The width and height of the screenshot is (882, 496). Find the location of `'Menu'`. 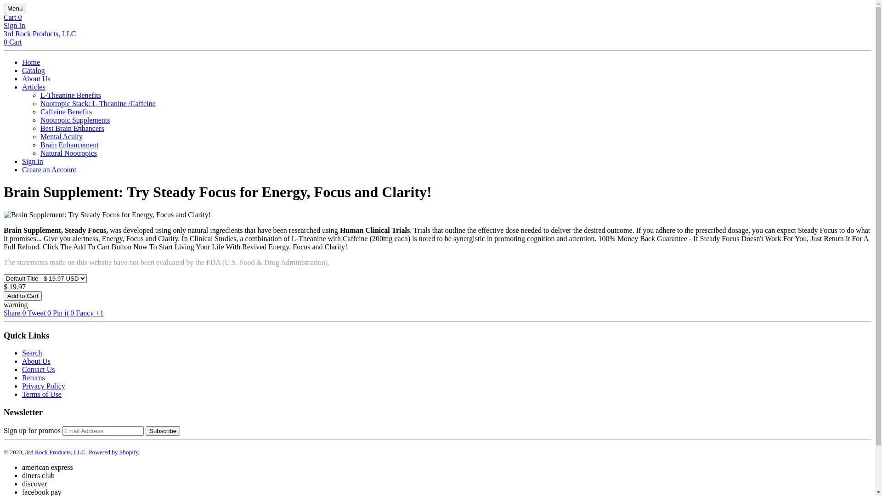

'Menu' is located at coordinates (15, 8).